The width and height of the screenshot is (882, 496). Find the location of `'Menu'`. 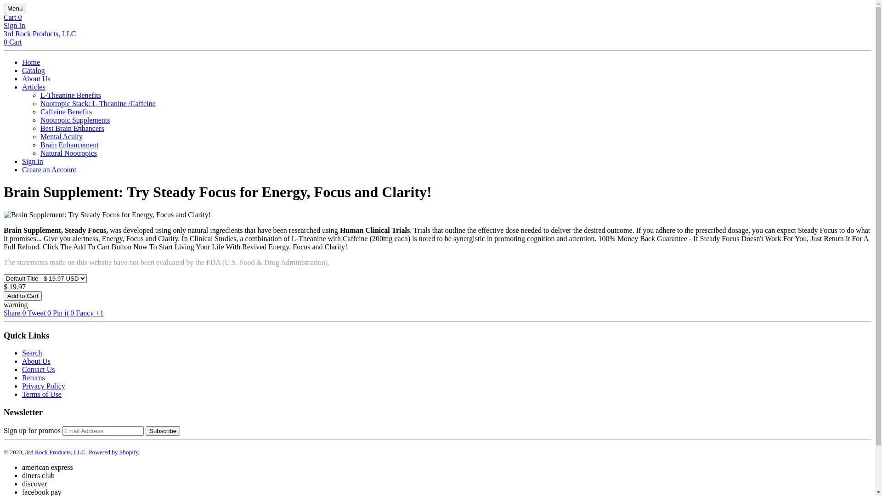

'Menu' is located at coordinates (15, 8).